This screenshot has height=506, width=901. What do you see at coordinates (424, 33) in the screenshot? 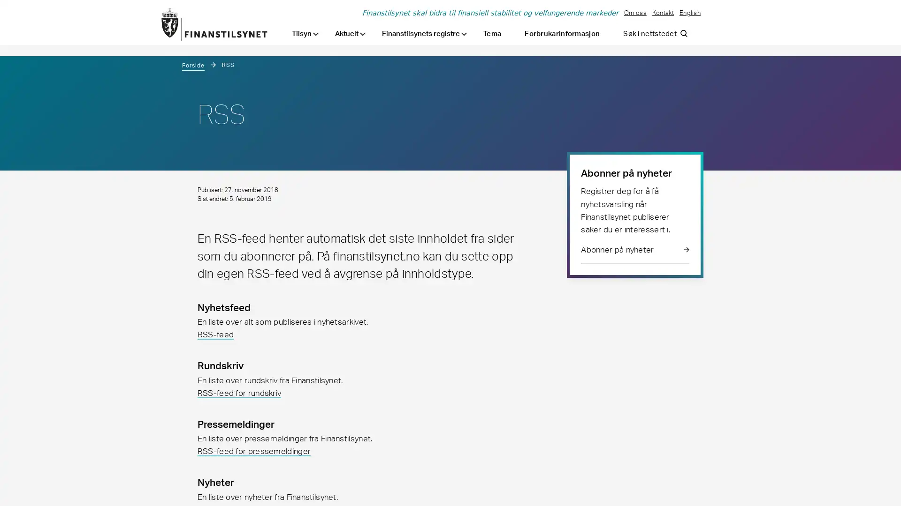
I see `Finanstilsynets registre Finanstilsynets registre` at bounding box center [424, 33].